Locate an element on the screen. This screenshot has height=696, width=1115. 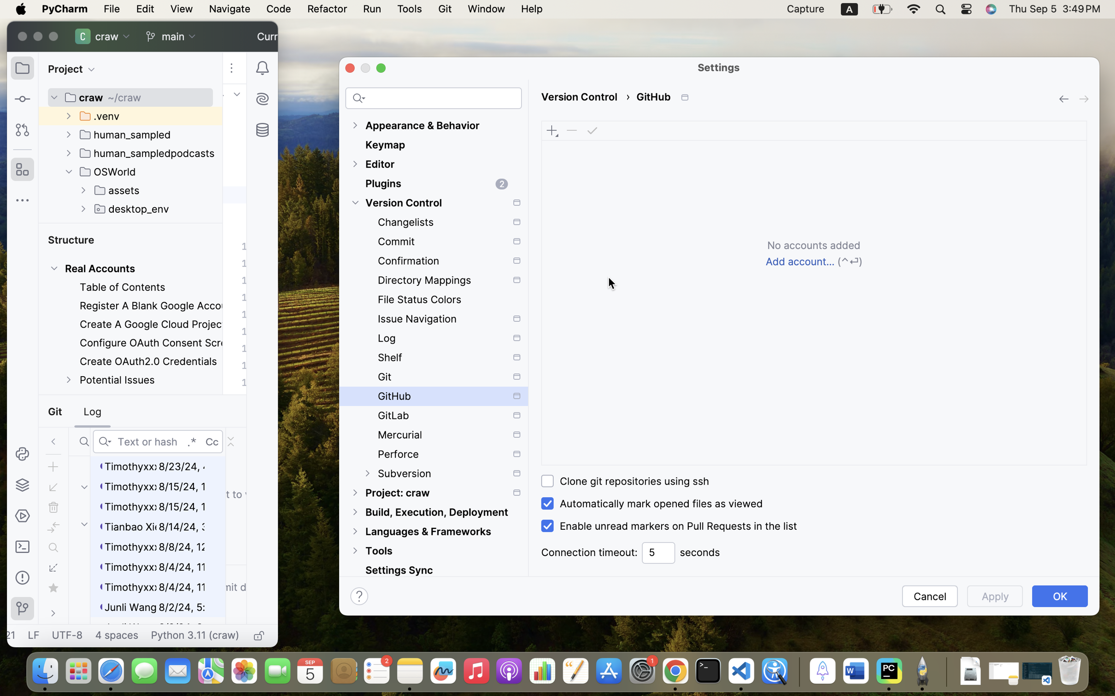
'5' is located at coordinates (658, 552).